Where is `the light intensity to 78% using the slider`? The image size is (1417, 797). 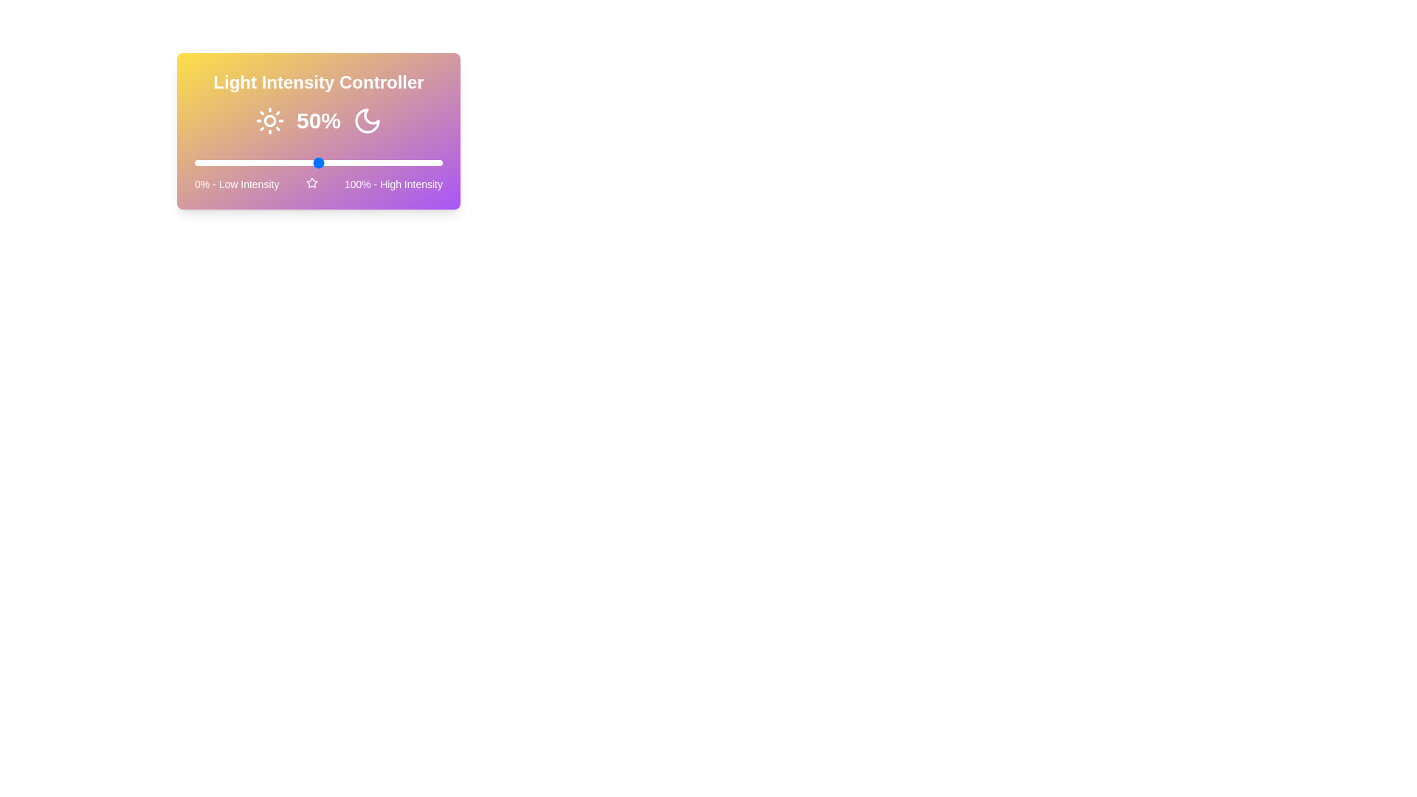 the light intensity to 78% using the slider is located at coordinates (388, 162).